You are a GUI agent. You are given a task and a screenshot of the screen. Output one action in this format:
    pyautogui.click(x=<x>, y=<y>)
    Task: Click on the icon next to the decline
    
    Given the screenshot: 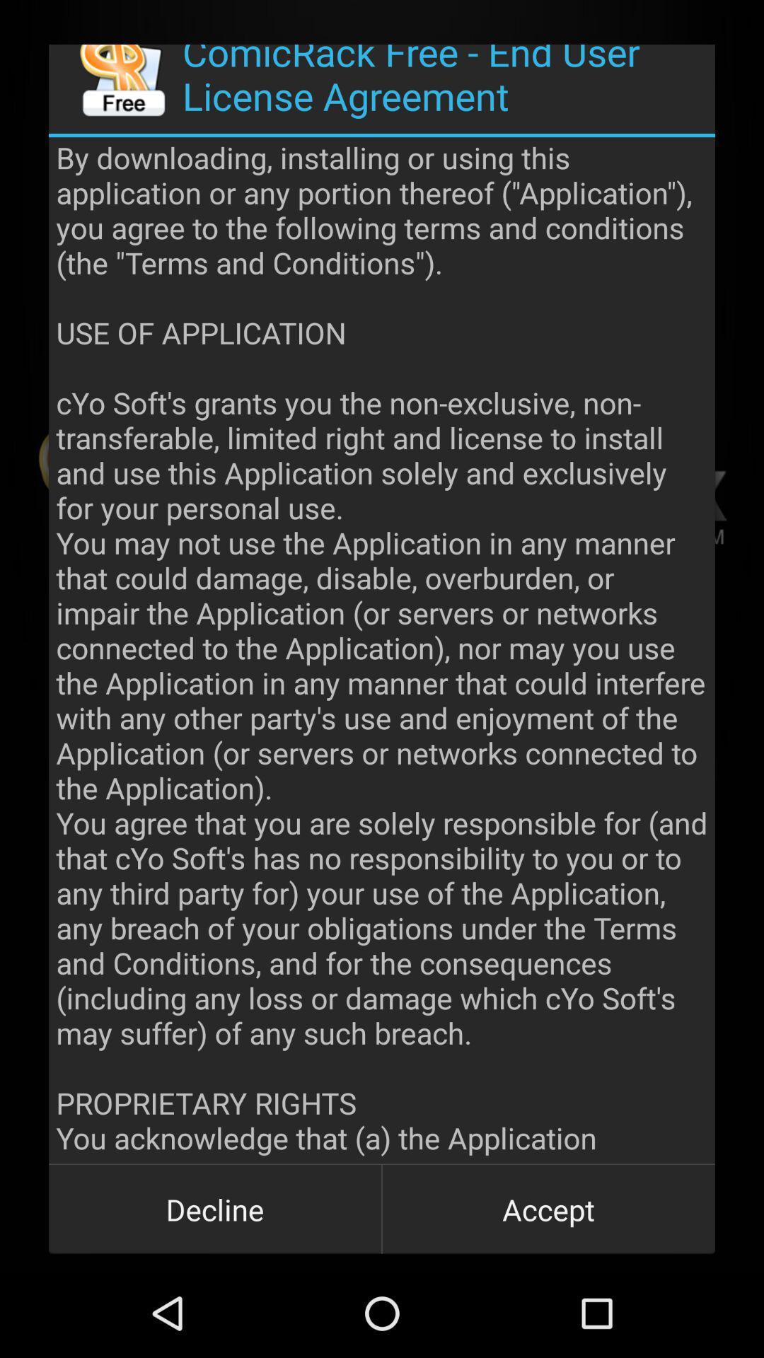 What is the action you would take?
    pyautogui.click(x=548, y=1208)
    